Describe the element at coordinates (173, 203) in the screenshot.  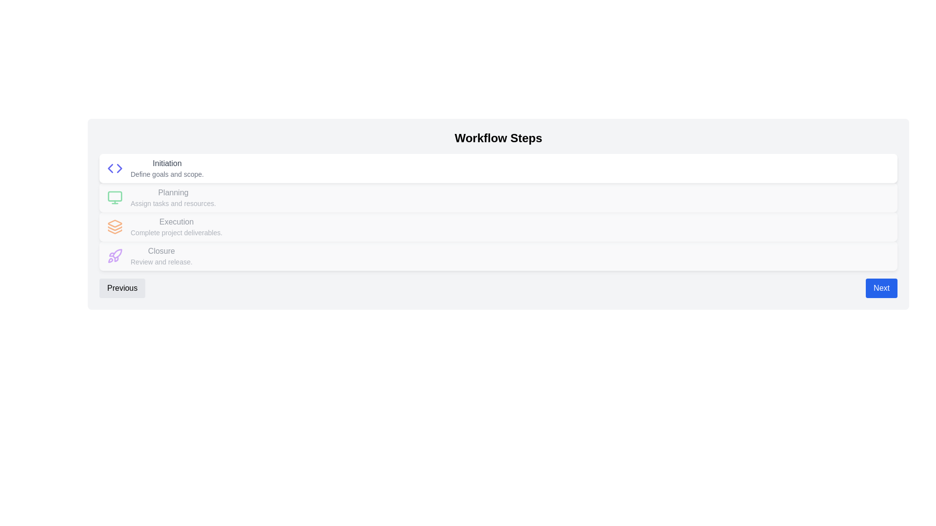
I see `text label displaying 'Assign tasks and resources.' located beneath the 'Planning' label in the 'Workflow Steps' interface` at that location.